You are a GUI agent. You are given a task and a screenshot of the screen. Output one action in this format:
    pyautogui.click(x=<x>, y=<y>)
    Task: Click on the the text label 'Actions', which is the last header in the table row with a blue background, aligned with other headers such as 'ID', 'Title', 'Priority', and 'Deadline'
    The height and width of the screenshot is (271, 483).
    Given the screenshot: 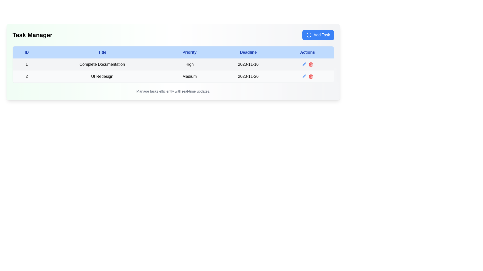 What is the action you would take?
    pyautogui.click(x=307, y=52)
    